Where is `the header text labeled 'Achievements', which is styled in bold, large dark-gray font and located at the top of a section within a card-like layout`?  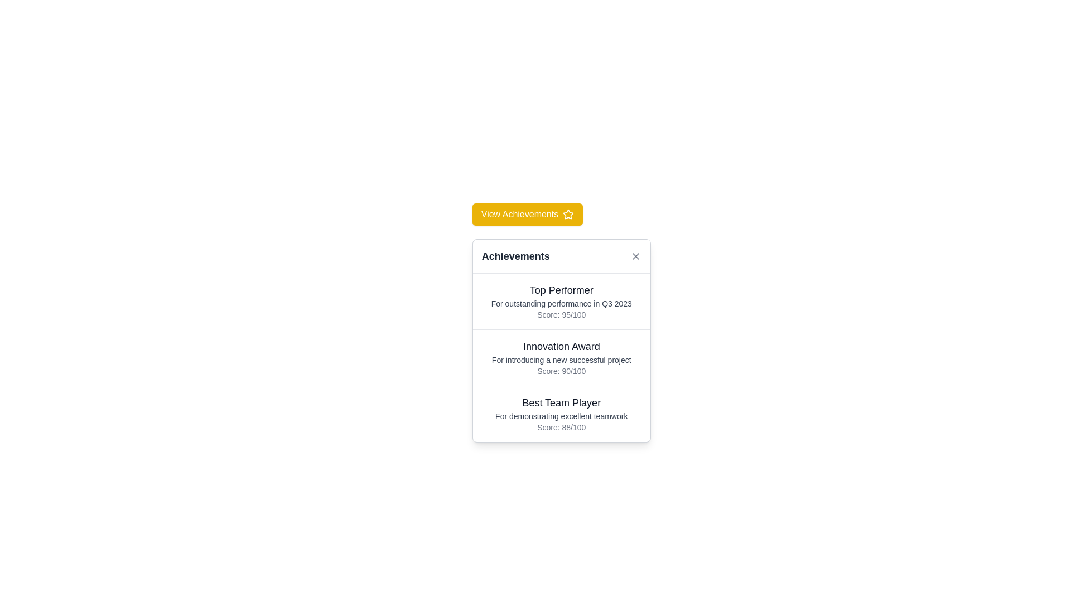
the header text labeled 'Achievements', which is styled in bold, large dark-gray font and located at the top of a section within a card-like layout is located at coordinates (515, 256).